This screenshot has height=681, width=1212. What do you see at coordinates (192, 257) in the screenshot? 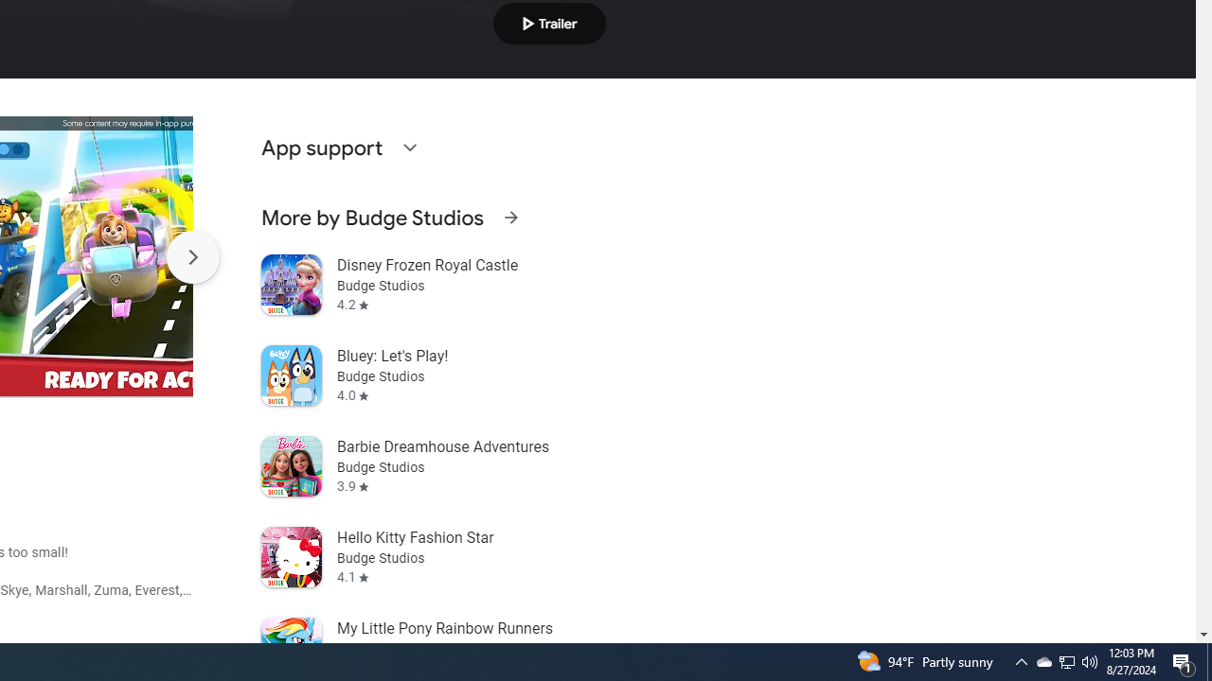
I see `'Scroll Next'` at bounding box center [192, 257].